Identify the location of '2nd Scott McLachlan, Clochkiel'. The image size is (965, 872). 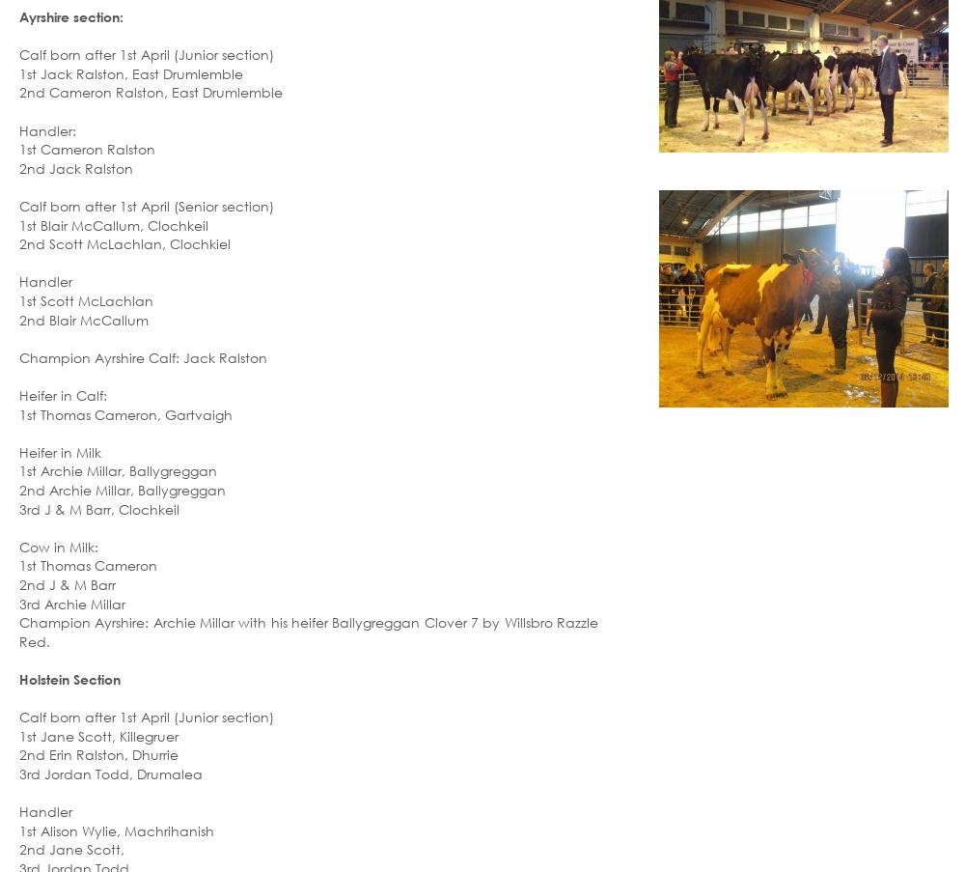
(124, 243).